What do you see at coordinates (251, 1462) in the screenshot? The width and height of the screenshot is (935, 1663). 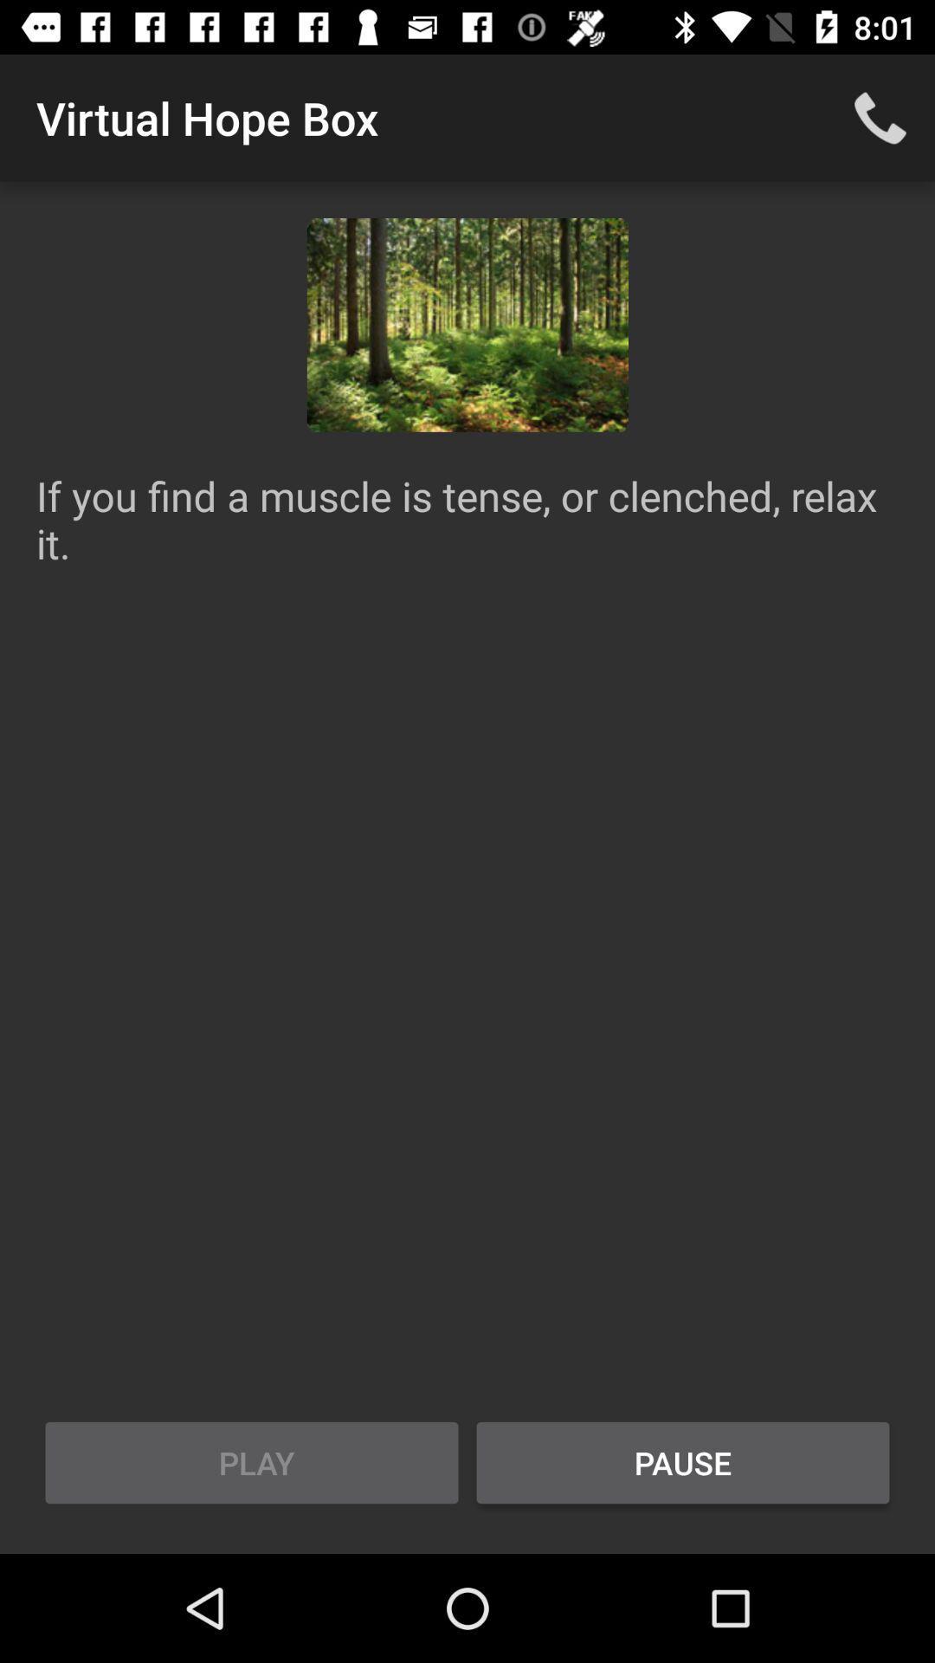 I see `the play` at bounding box center [251, 1462].